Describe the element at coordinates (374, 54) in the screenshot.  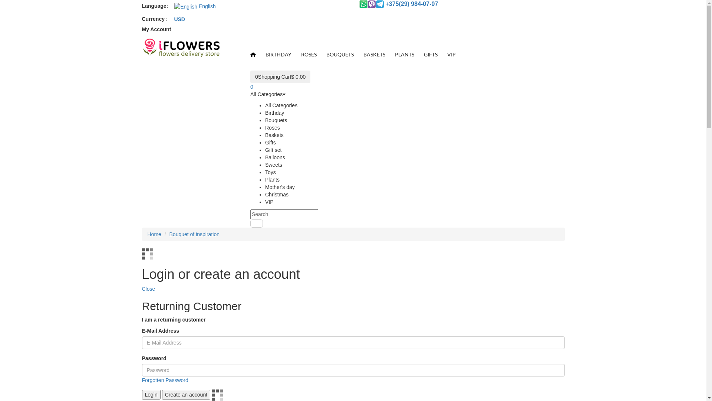
I see `'BASKETS'` at that location.